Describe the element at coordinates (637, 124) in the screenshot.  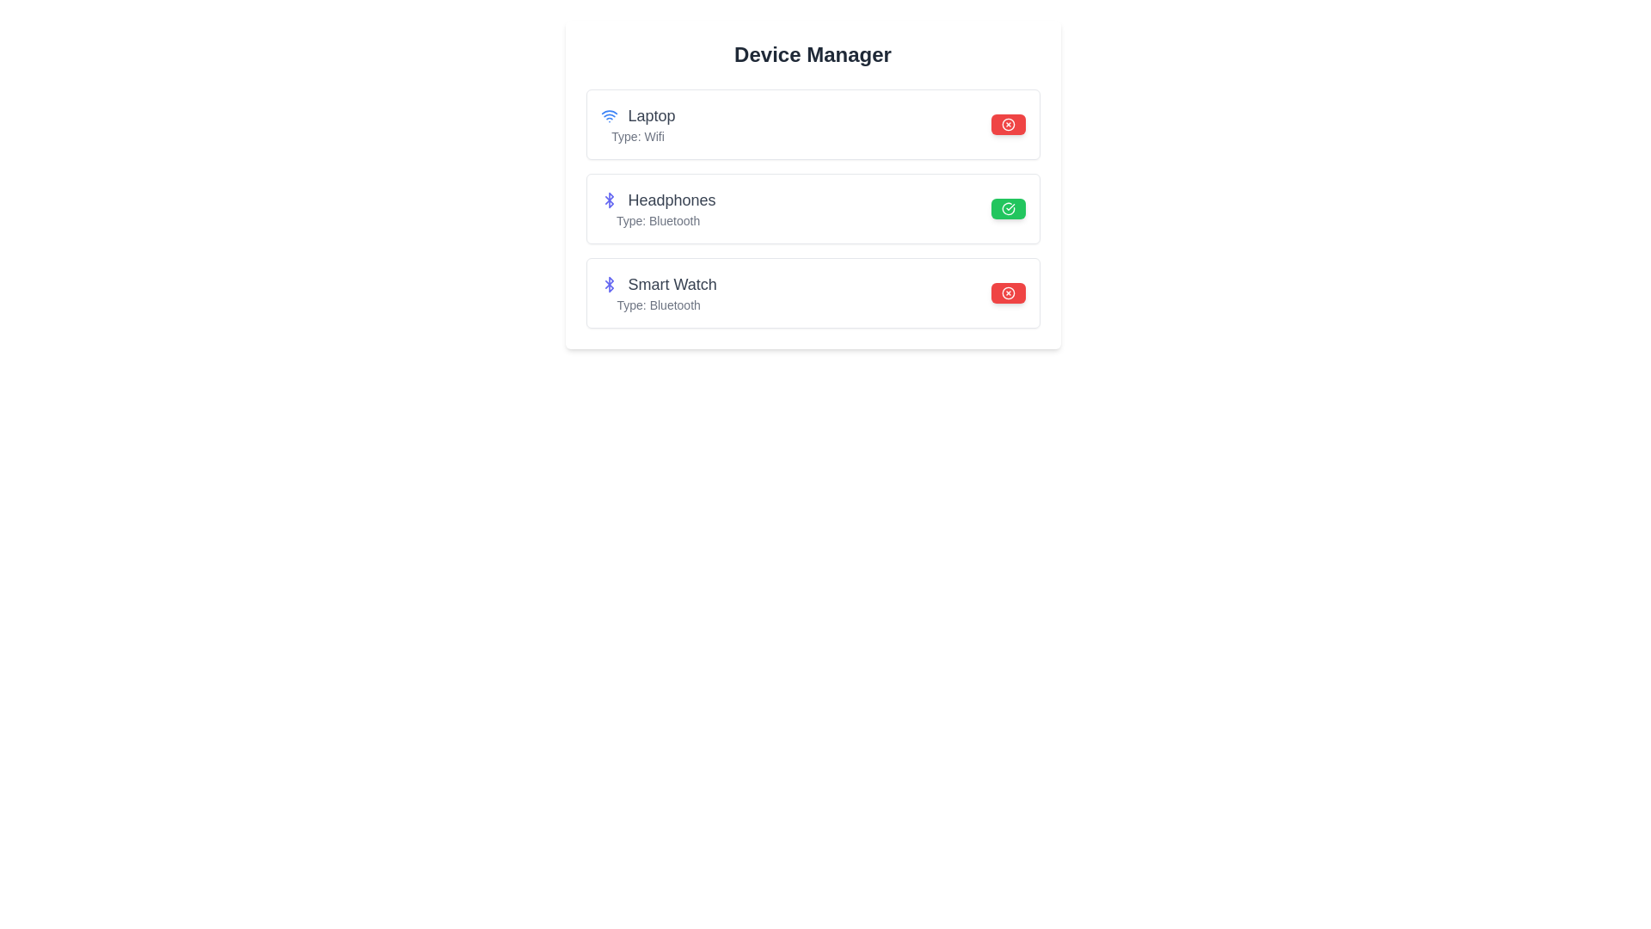
I see `the informational text element featuring a blue Wi-Fi icon and the text 'Laptop' with 'Type: Wifi' below it, located in the topmost card of the 'Device Manager' section` at that location.